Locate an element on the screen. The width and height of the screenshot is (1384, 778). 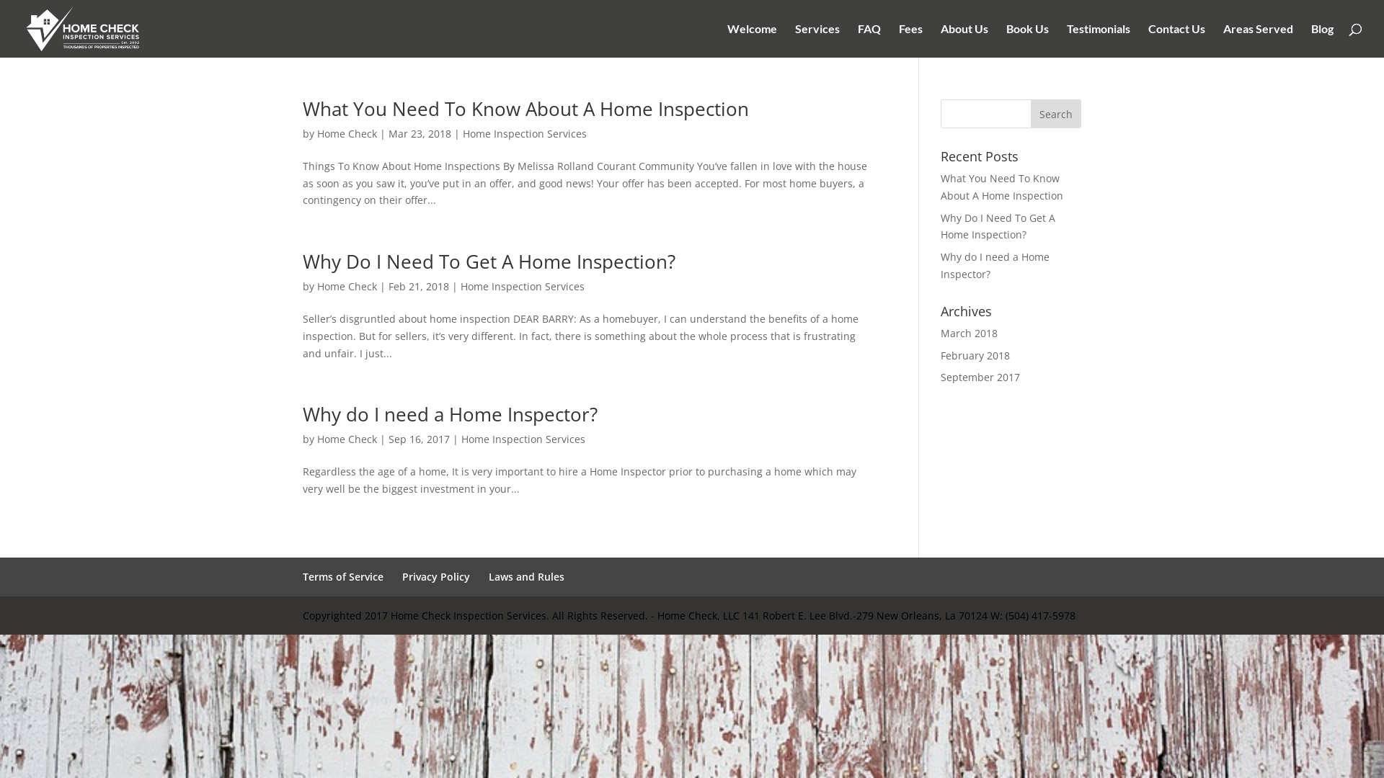
'Welcome' is located at coordinates (751, 40).